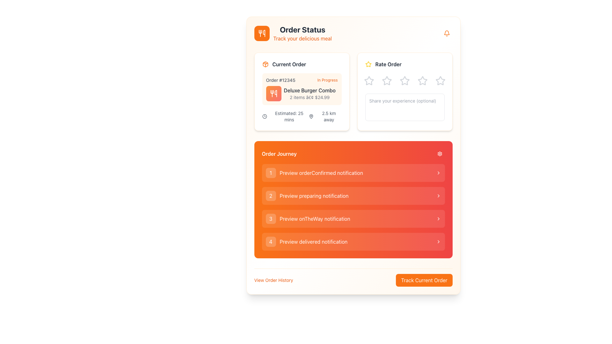  I want to click on the text label that provides information about the current order, specifically the number of items and total price, located below 'Deluxe Burger Combo' in the 'Current Order' card, so click(310, 97).